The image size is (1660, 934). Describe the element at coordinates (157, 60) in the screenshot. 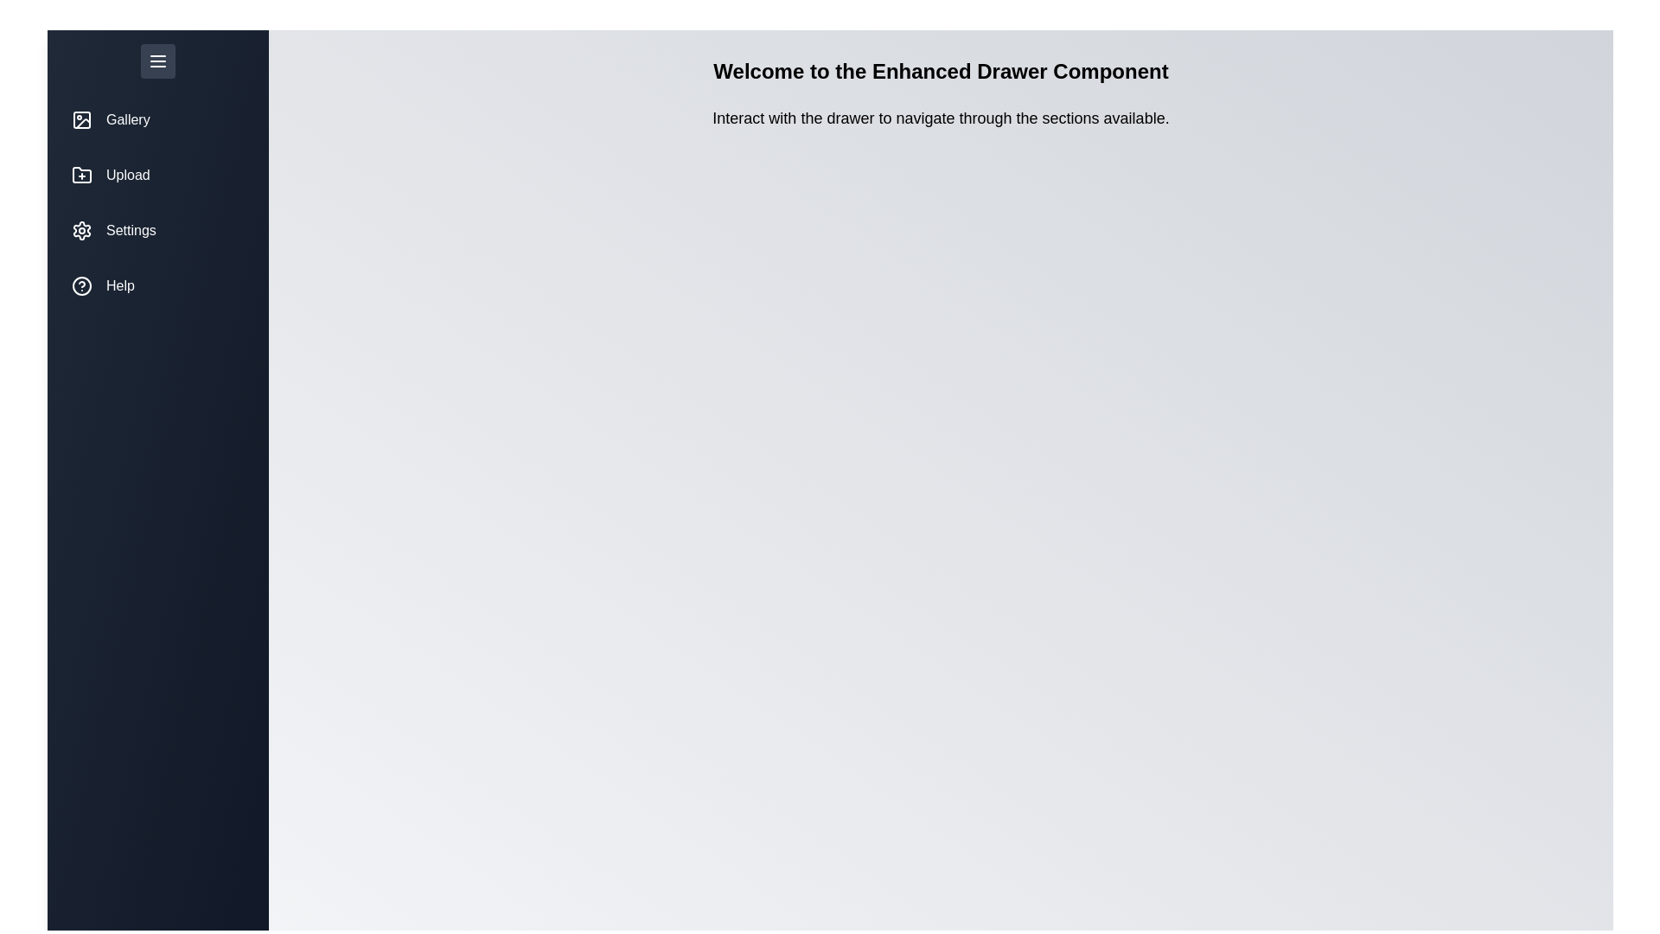

I see `the menu button to toggle the drawer open or close` at that location.